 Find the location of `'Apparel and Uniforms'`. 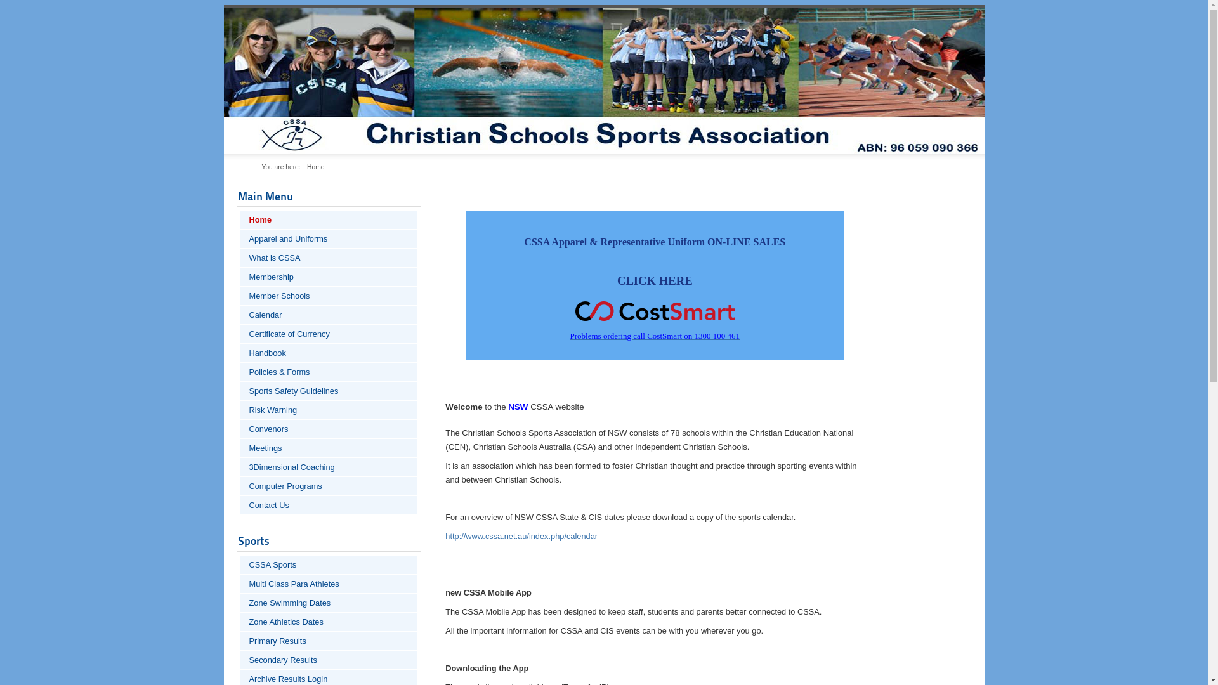

'Apparel and Uniforms' is located at coordinates (329, 238).